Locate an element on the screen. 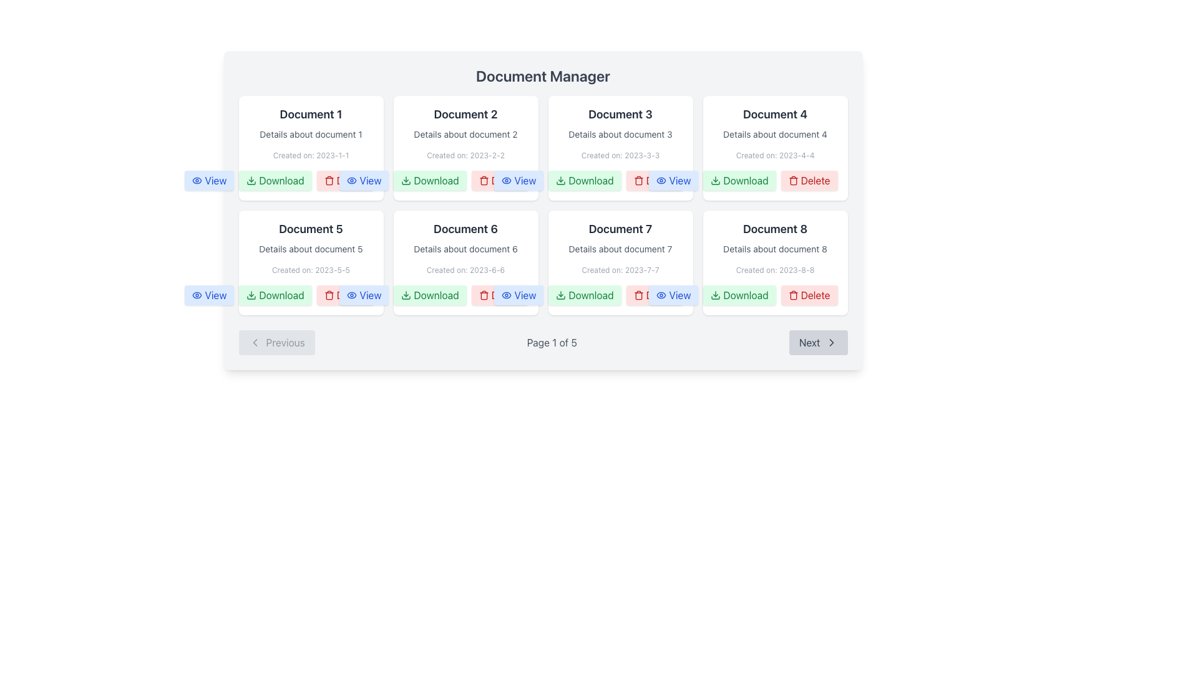  the delete button that contains the icon representing the delete action, which is positioned to the left of the text 'Delete' is located at coordinates (329, 295).